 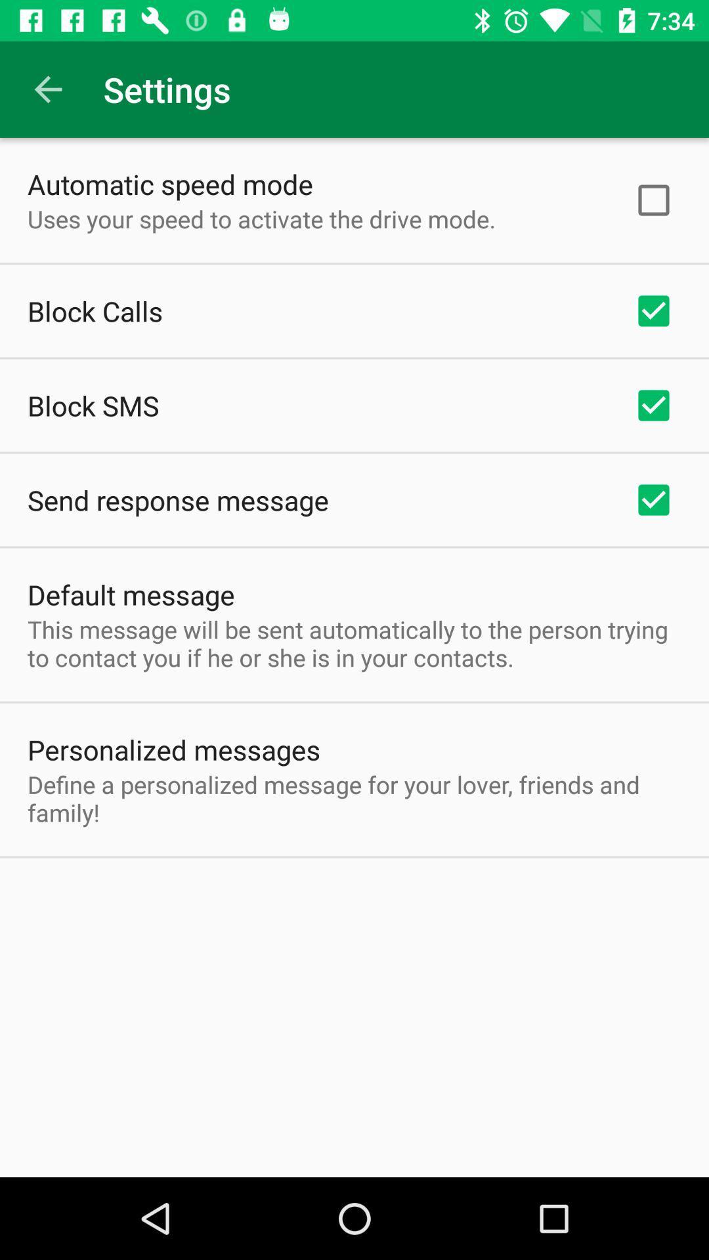 I want to click on the define a personalized item, so click(x=354, y=797).